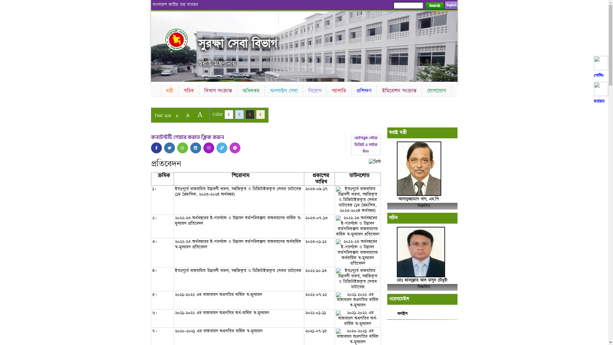  Describe the element at coordinates (182, 39) in the screenshot. I see `'Home'` at that location.